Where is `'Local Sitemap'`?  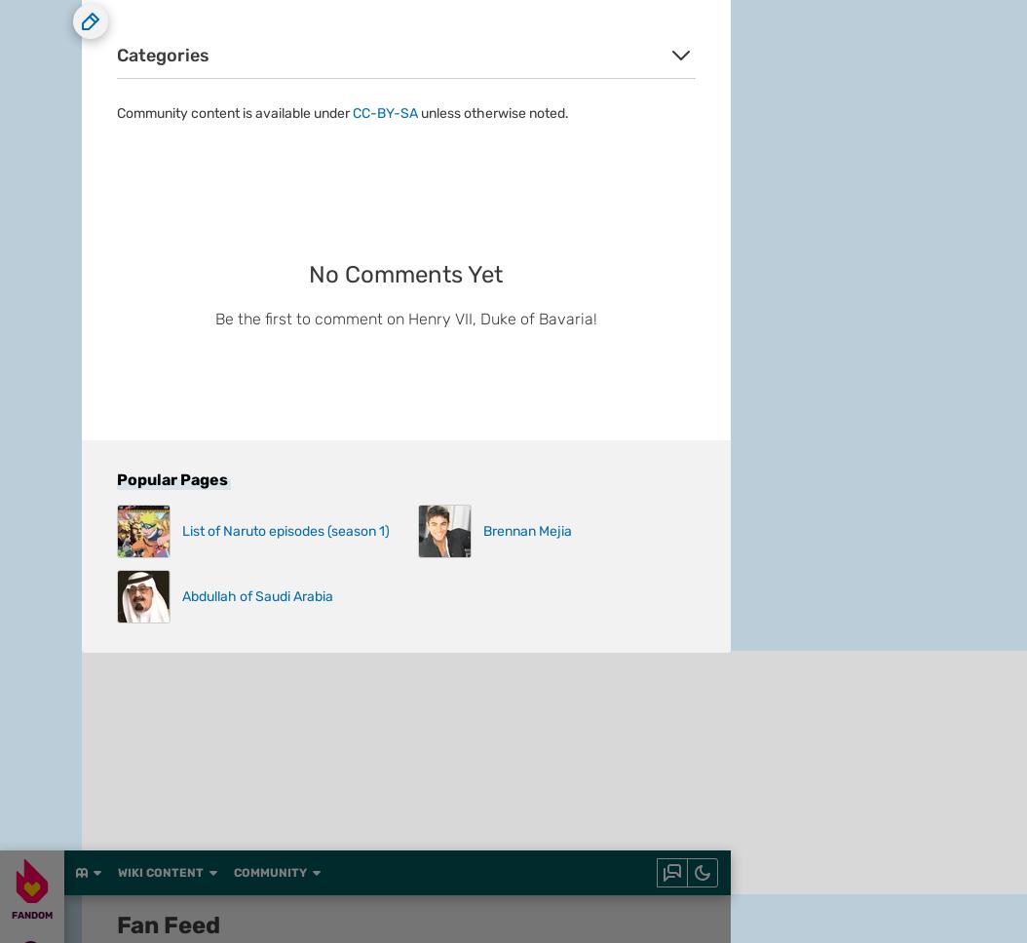 'Local Sitemap' is located at coordinates (464, 361).